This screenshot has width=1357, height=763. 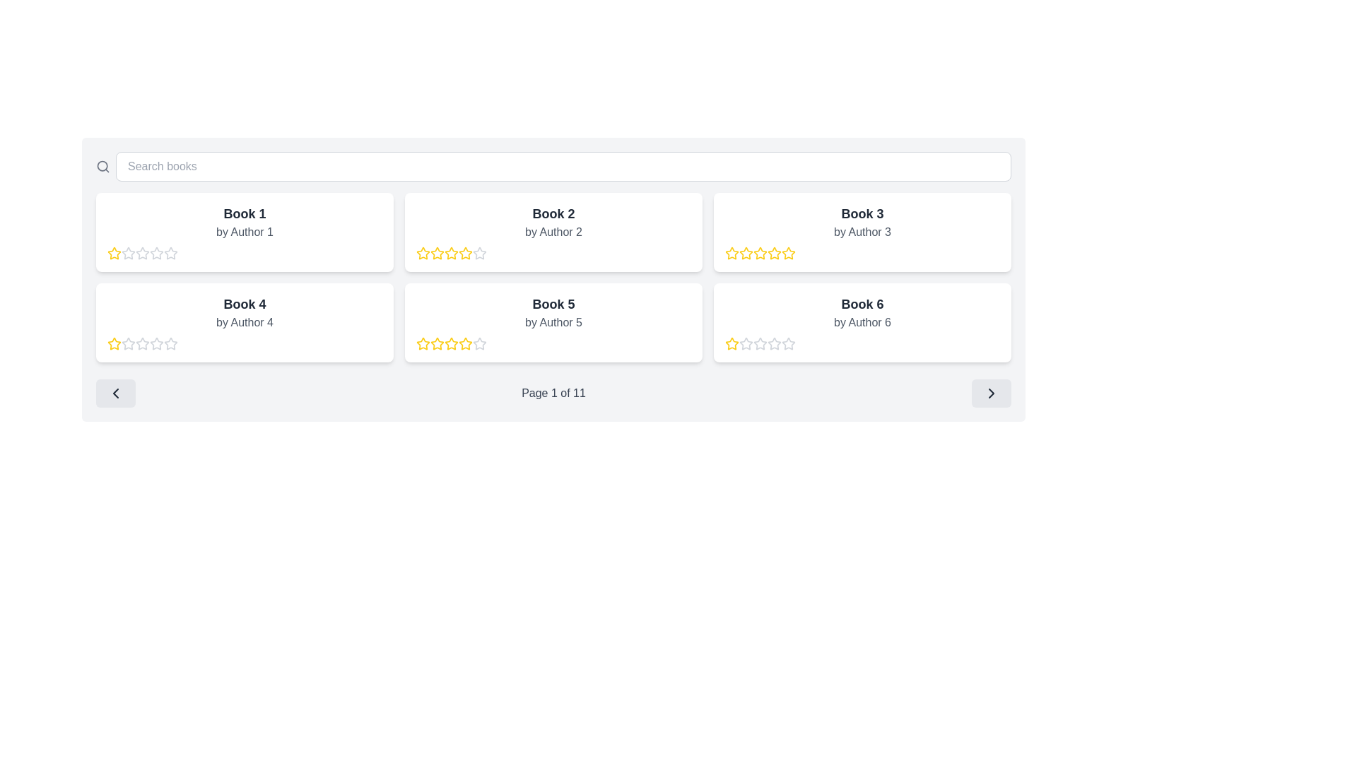 I want to click on the third star in the rating system for 'Book 3', so click(x=773, y=252).